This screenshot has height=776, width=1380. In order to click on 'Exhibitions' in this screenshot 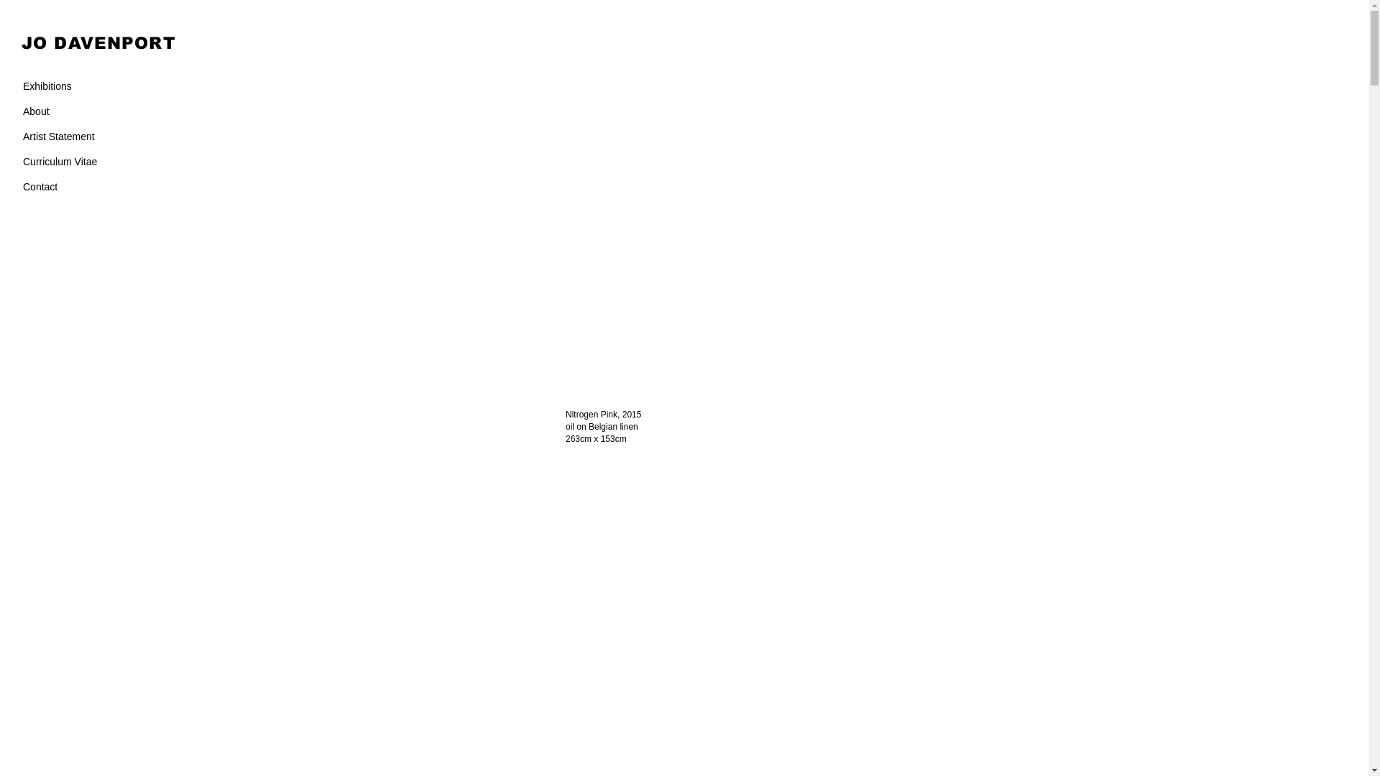, I will do `click(23, 86)`.